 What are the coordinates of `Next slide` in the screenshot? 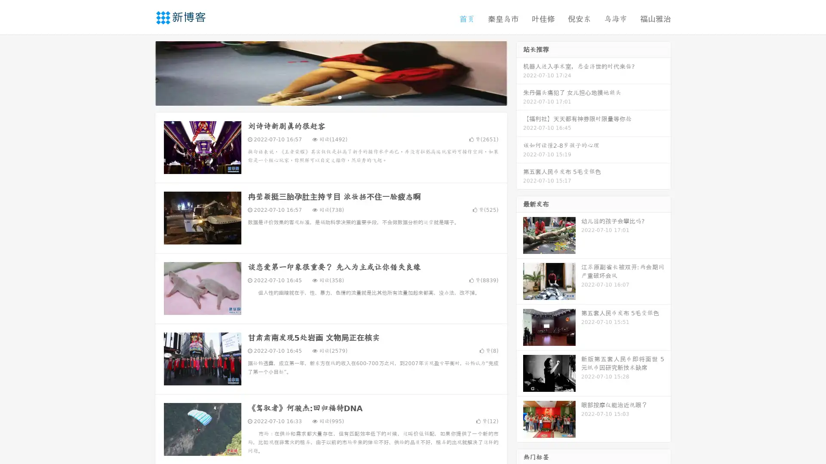 It's located at (520, 72).